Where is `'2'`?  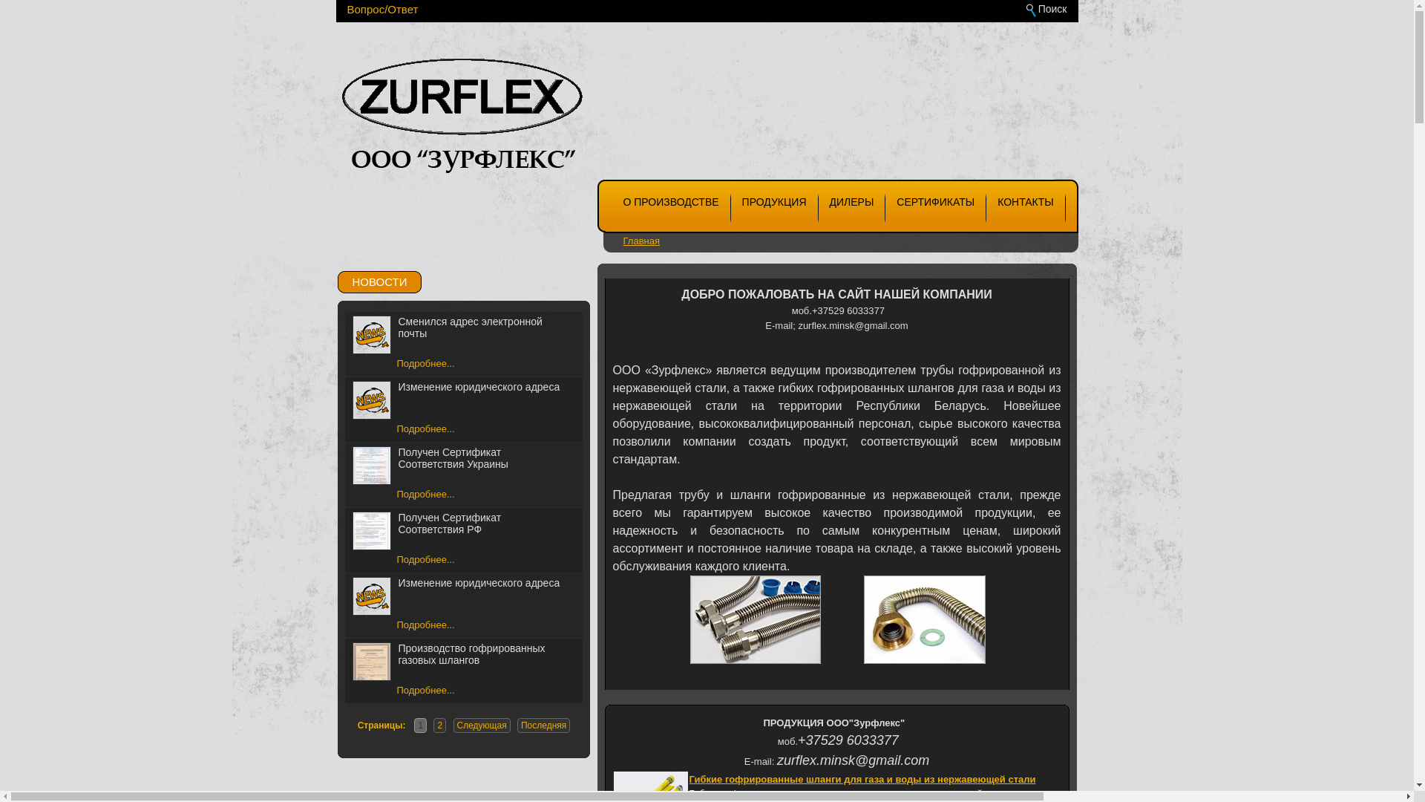 '2' is located at coordinates (439, 724).